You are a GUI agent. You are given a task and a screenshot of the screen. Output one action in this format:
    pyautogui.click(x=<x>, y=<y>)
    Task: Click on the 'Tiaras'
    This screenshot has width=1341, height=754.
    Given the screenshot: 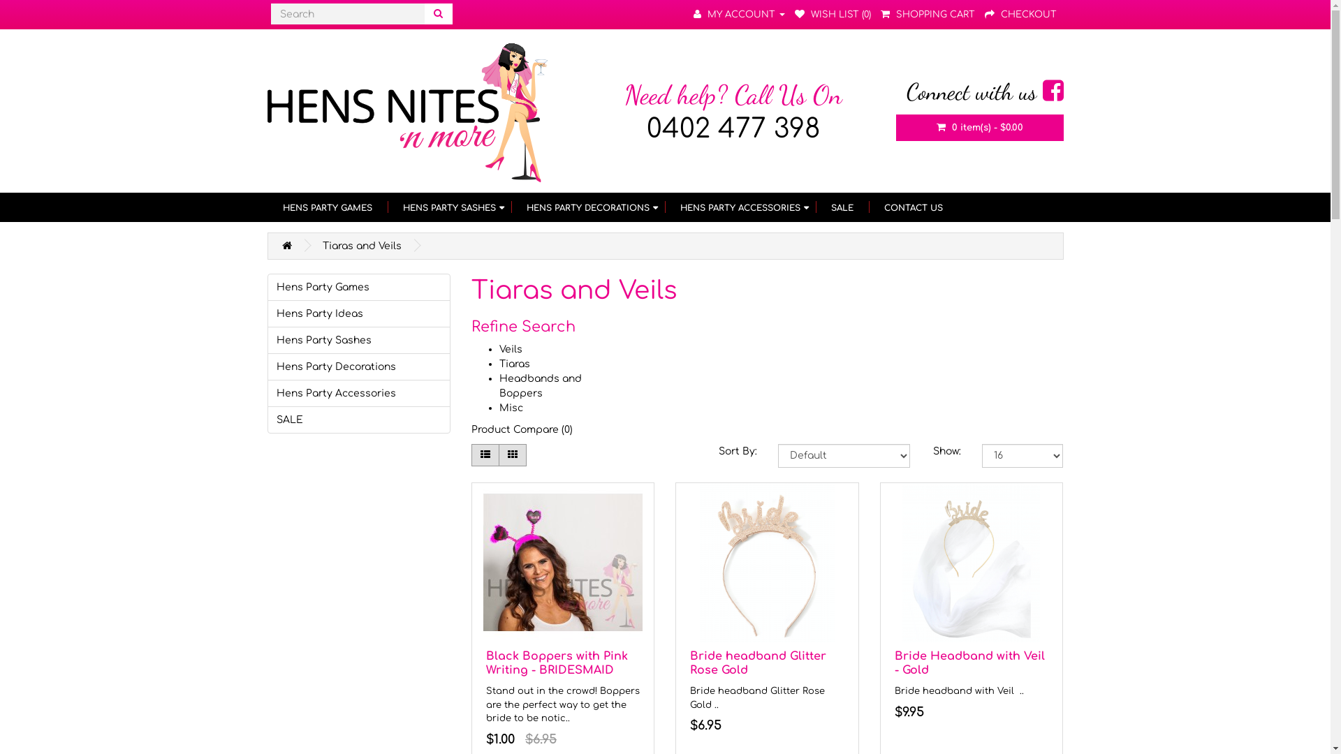 What is the action you would take?
    pyautogui.click(x=514, y=363)
    